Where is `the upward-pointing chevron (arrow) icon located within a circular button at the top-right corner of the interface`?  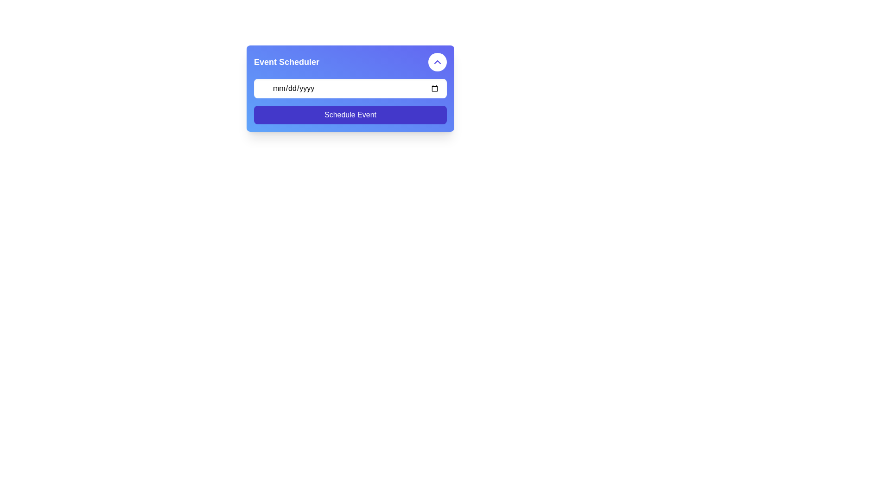
the upward-pointing chevron (arrow) icon located within a circular button at the top-right corner of the interface is located at coordinates (437, 62).